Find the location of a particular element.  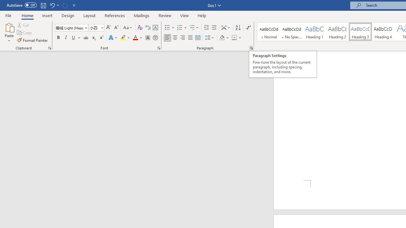

'Cut' is located at coordinates (23, 25).